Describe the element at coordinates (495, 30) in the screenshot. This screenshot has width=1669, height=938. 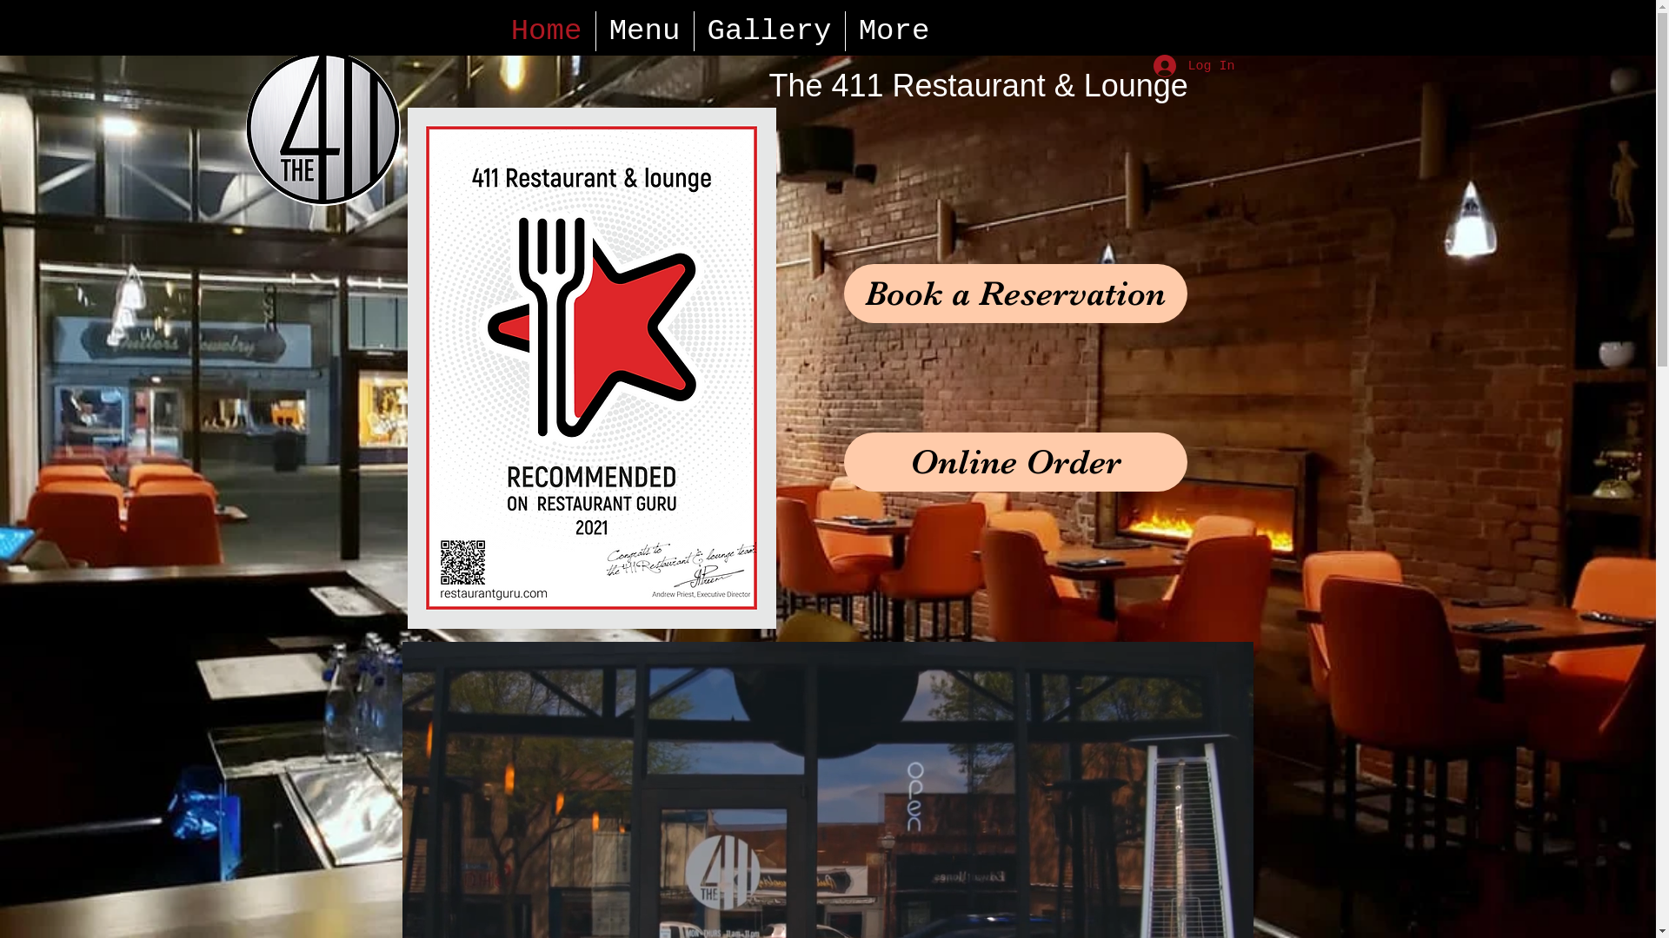
I see `'Home'` at that location.